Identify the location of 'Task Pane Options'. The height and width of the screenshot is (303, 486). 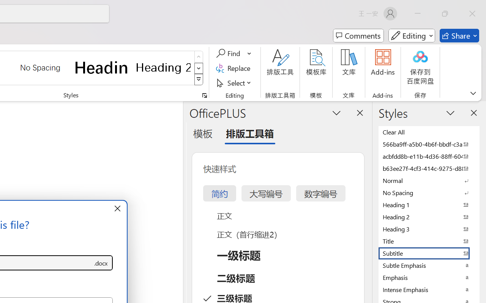
(336, 112).